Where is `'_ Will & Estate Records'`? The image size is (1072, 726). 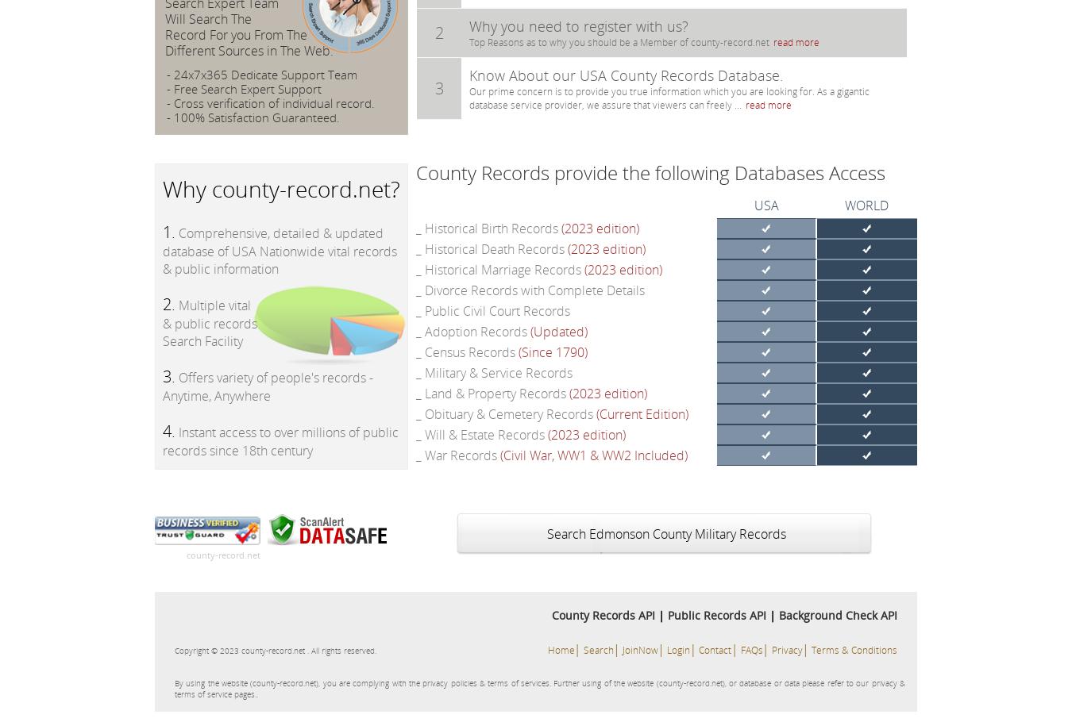 '_ Will & Estate Records' is located at coordinates (481, 434).